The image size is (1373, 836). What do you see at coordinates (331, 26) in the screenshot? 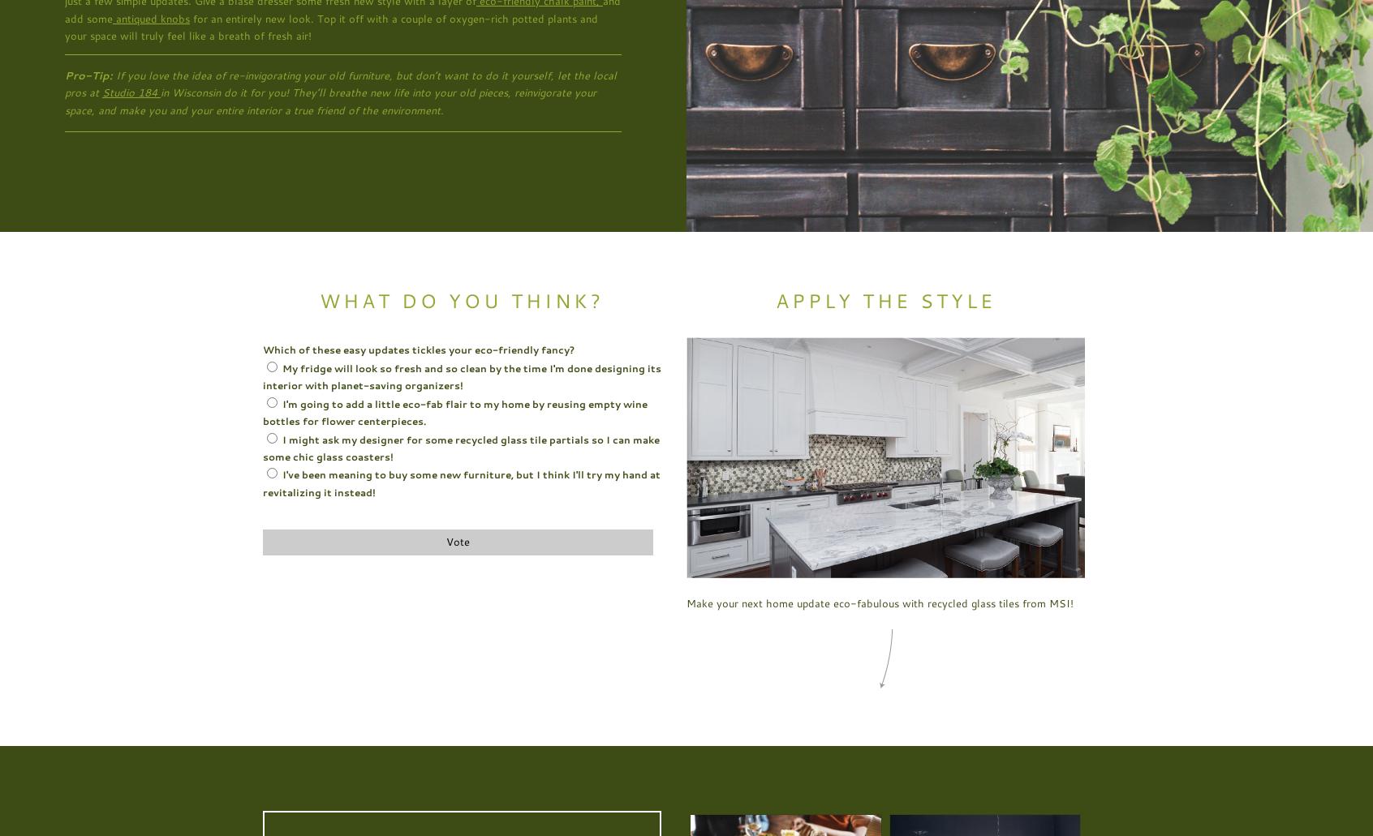
I see `'for an entirely new look. Top it off with a couple of oxygen-rich potted plants and your space will truly feel like a breath of fresh air!'` at bounding box center [331, 26].